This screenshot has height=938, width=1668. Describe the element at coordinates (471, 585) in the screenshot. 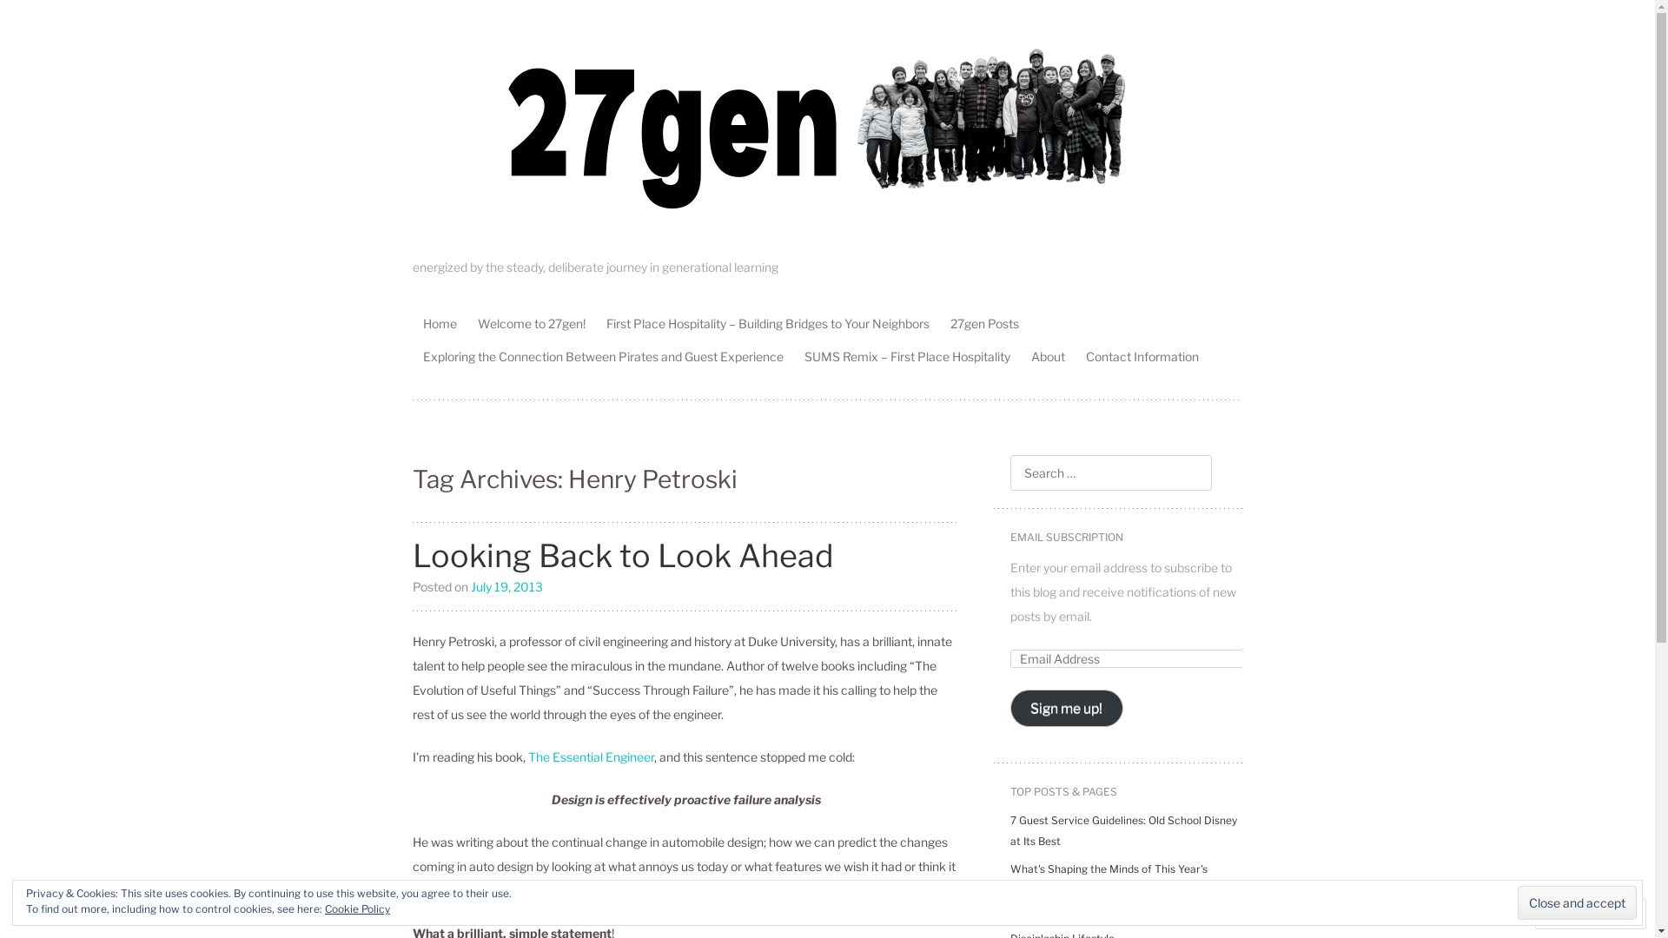

I see `'July 19, 2013'` at that location.